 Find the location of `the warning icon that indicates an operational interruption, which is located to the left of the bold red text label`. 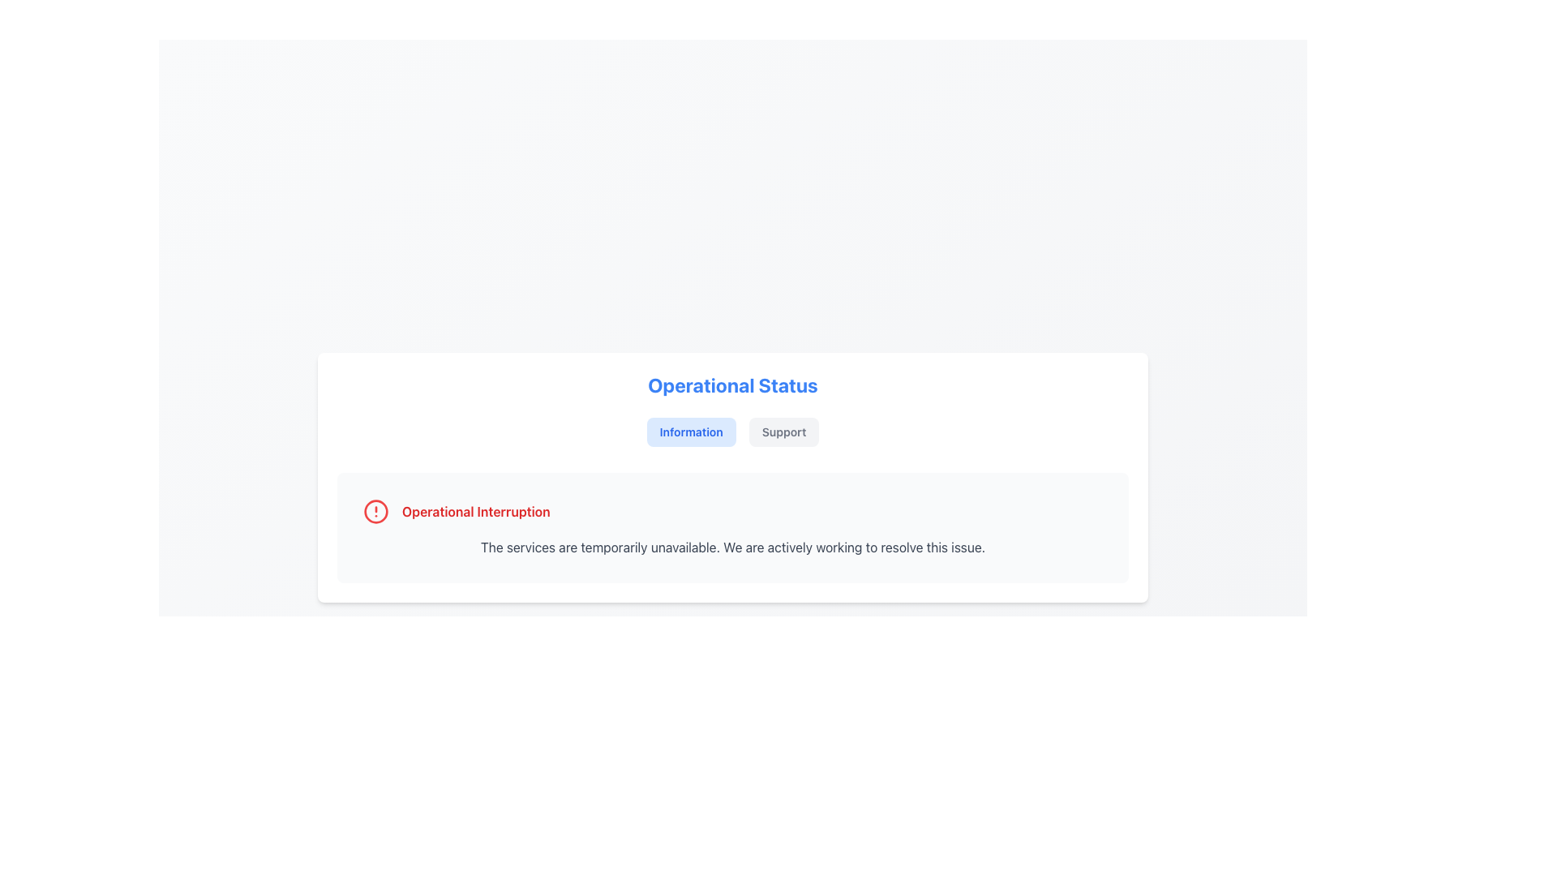

the warning icon that indicates an operational interruption, which is located to the left of the bold red text label is located at coordinates (375, 512).